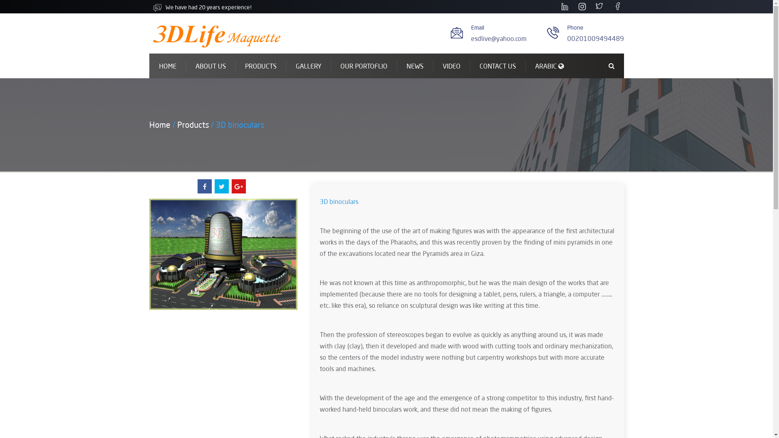 Image resolution: width=779 pixels, height=438 pixels. I want to click on 'index.php', so click(149, 33).